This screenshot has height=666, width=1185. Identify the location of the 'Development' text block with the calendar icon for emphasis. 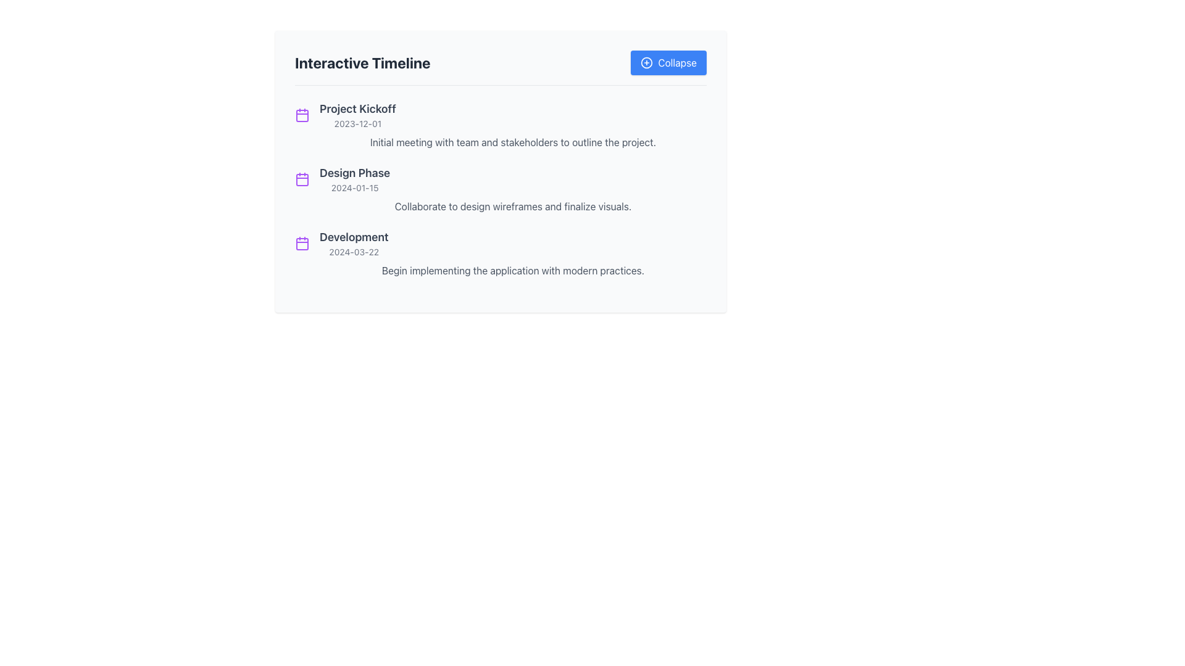
(501, 243).